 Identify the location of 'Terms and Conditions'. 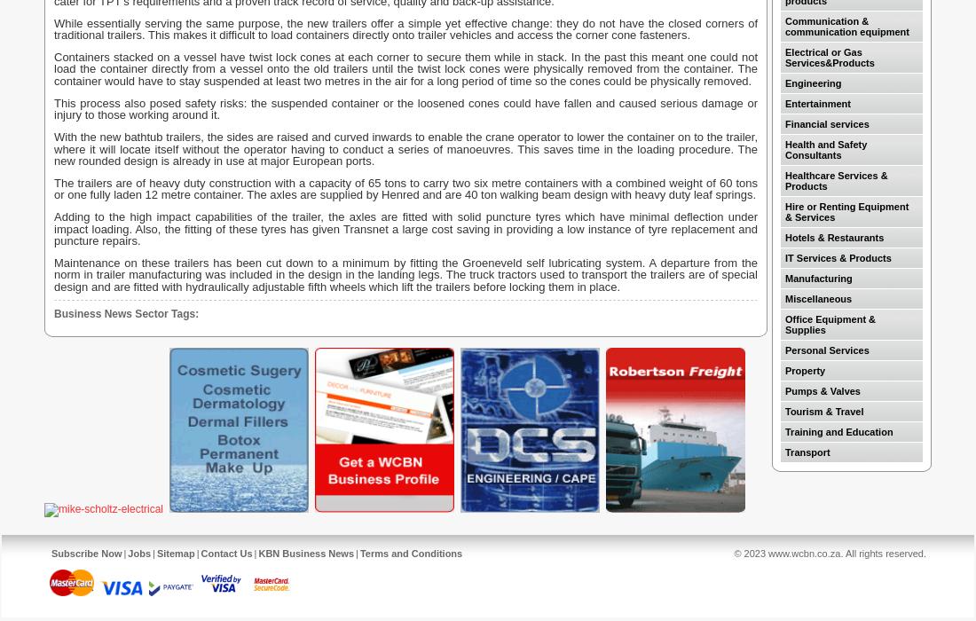
(409, 553).